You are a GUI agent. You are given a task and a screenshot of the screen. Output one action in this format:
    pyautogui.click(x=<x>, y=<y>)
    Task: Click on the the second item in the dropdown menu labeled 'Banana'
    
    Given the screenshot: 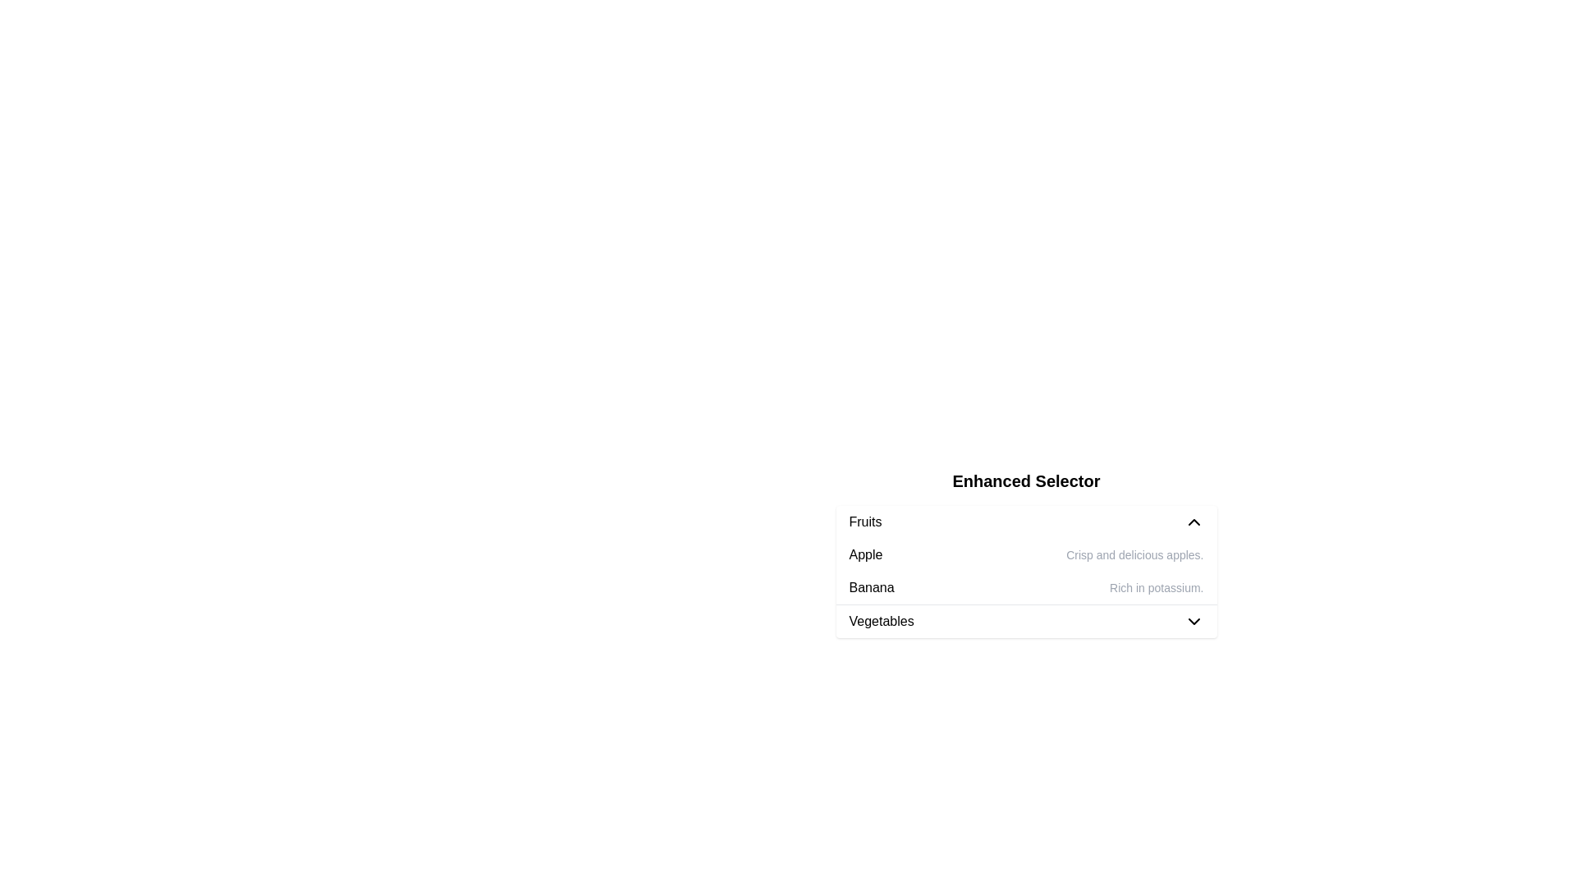 What is the action you would take?
    pyautogui.click(x=1025, y=587)
    